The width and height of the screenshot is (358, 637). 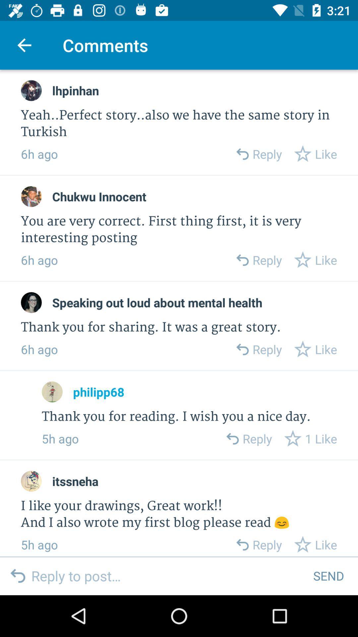 I want to click on go back, so click(x=242, y=349).